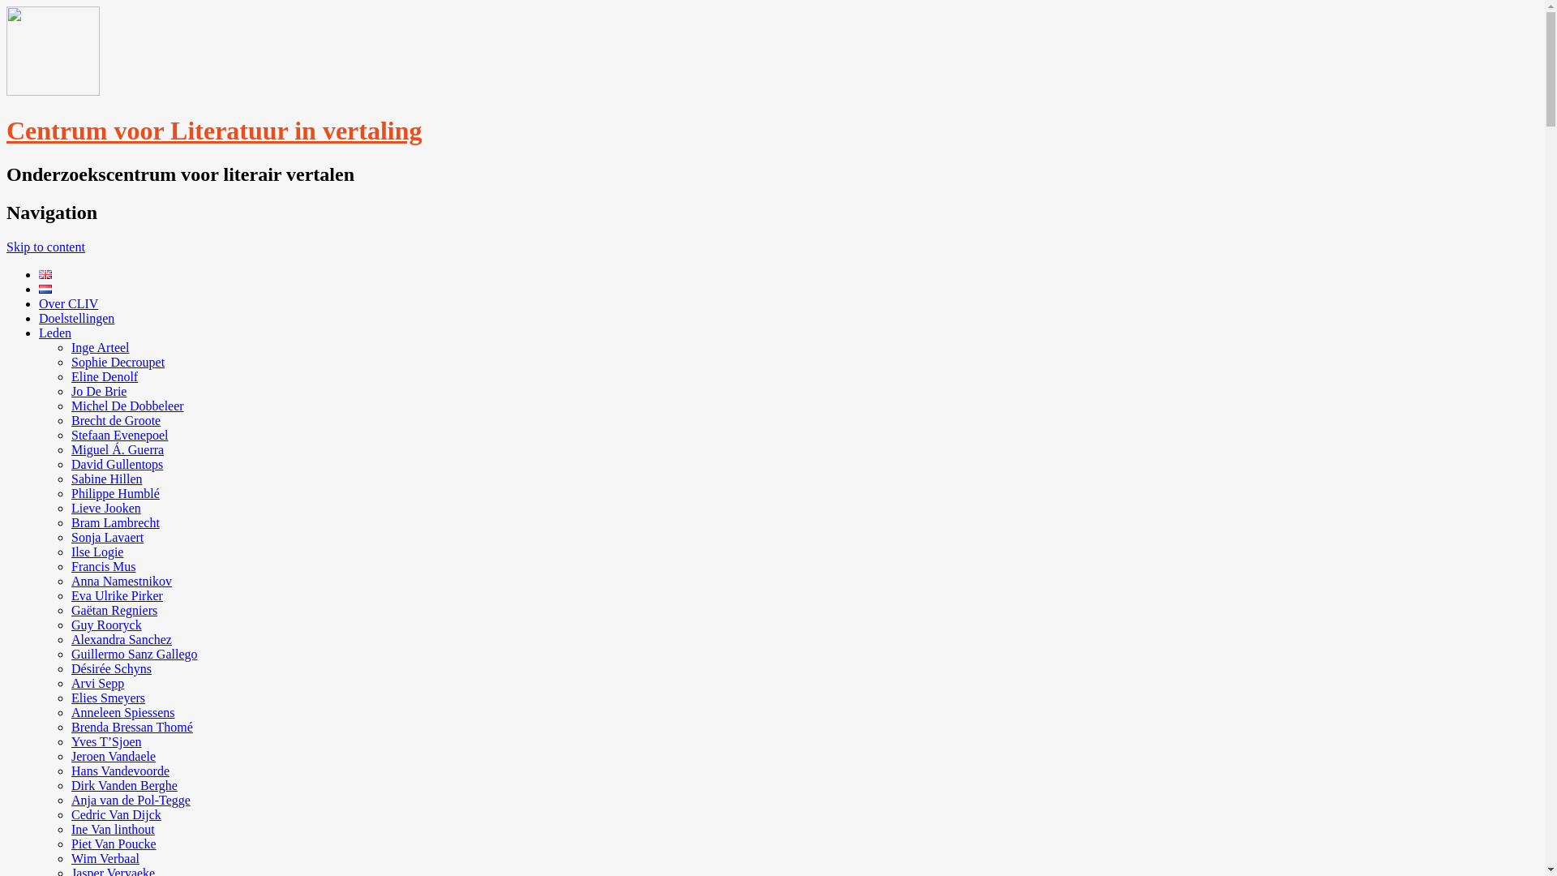 This screenshot has height=876, width=1557. What do you see at coordinates (45, 273) in the screenshot?
I see `'English'` at bounding box center [45, 273].